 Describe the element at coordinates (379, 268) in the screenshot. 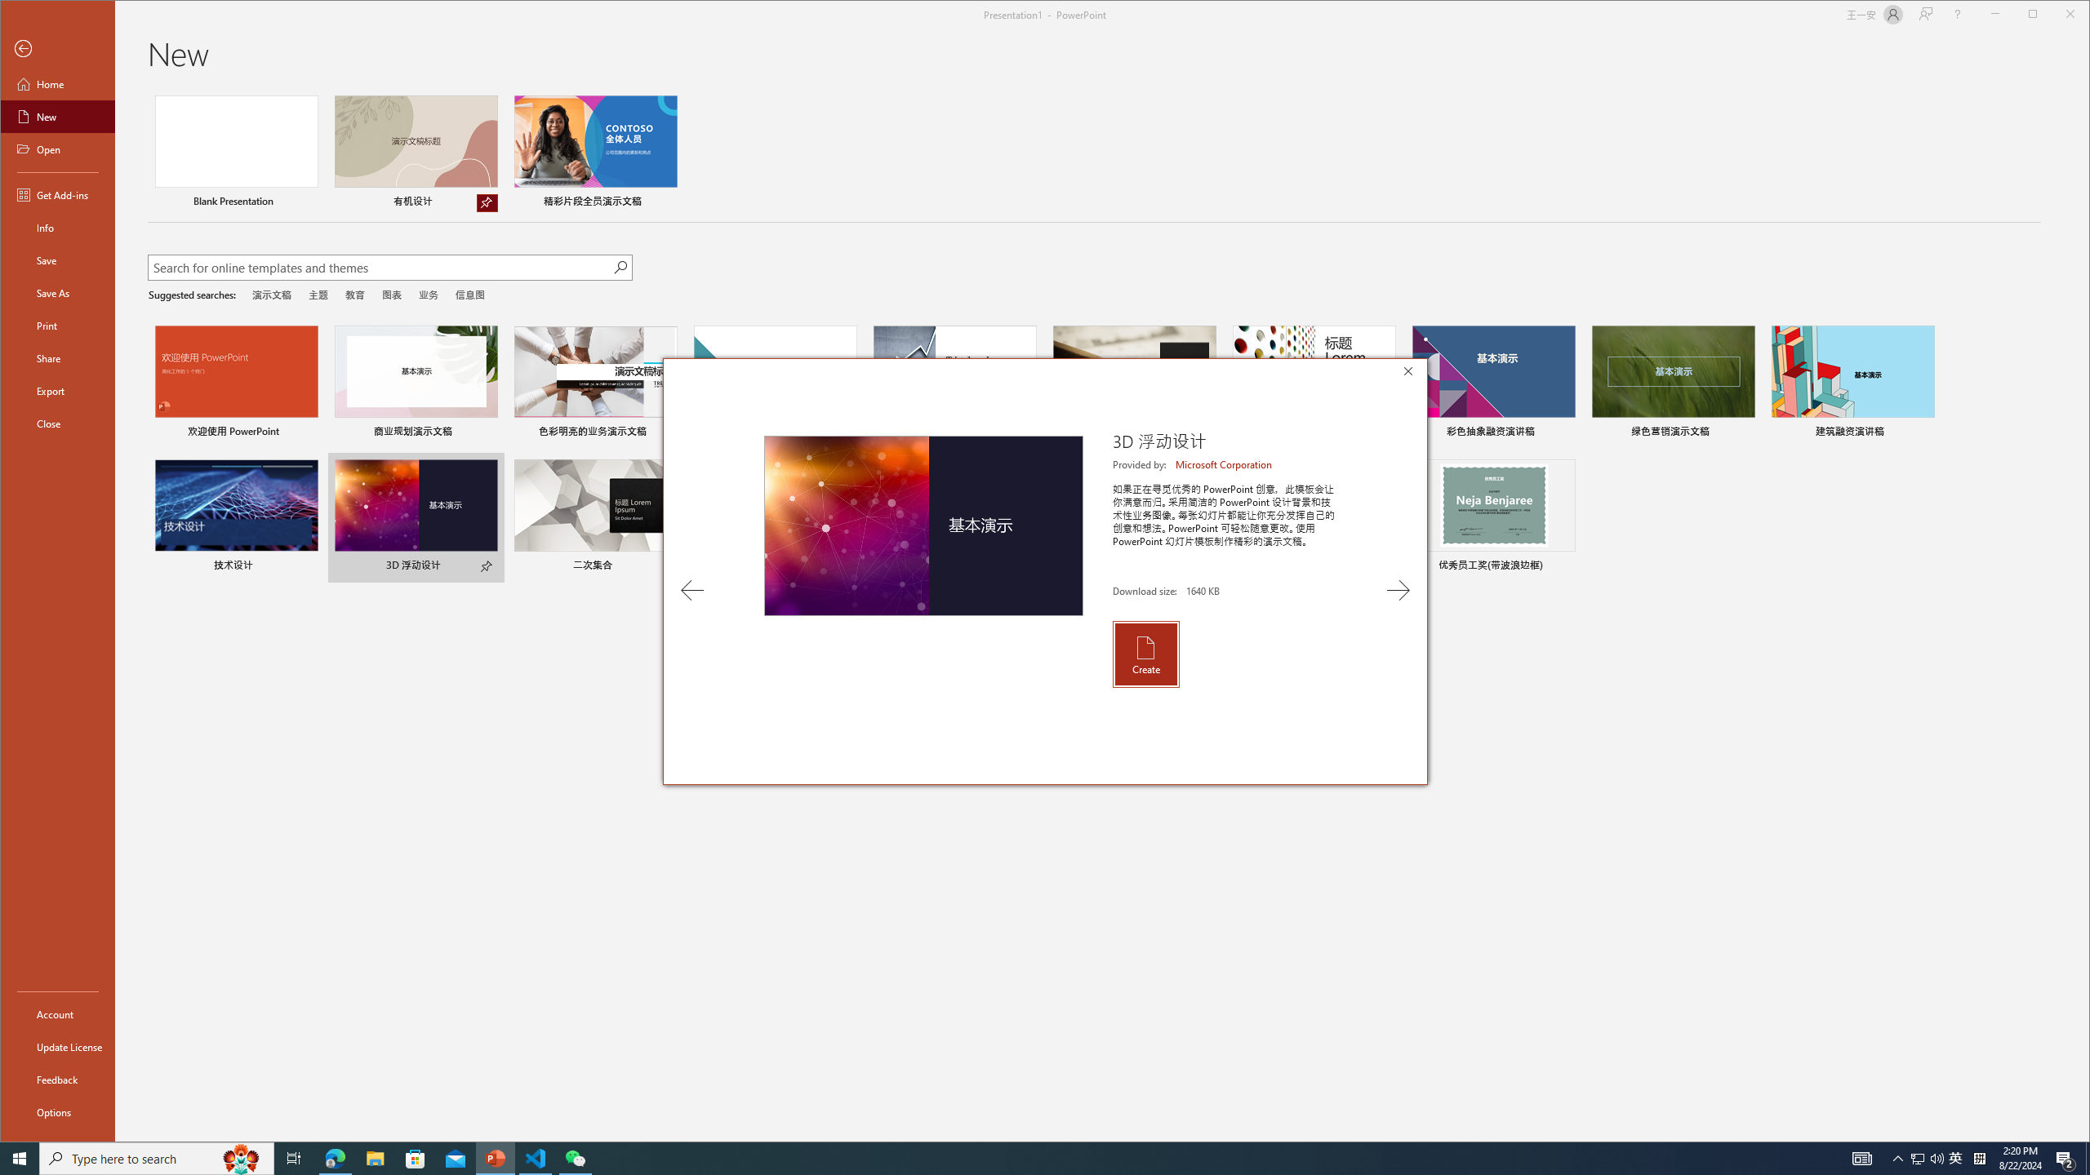

I see `'Search for online templates and themes'` at that location.